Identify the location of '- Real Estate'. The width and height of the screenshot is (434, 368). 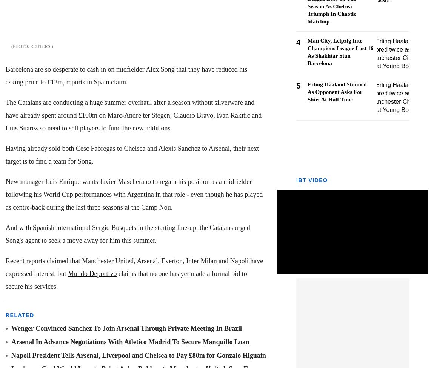
(24, 147).